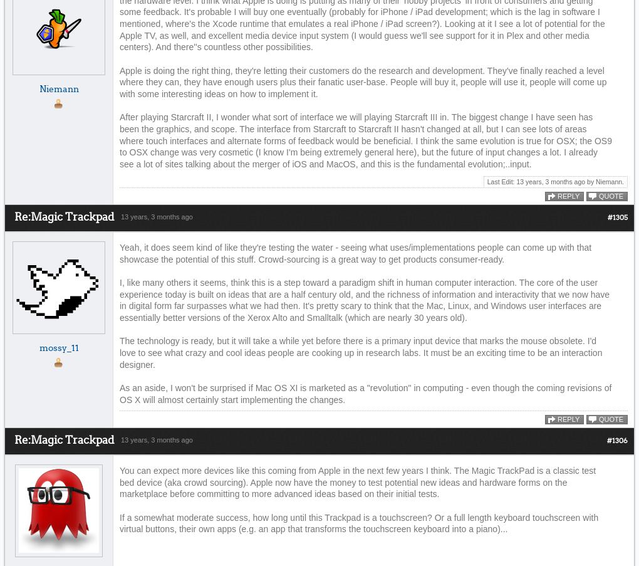  What do you see at coordinates (365, 140) in the screenshot?
I see `'After playing Starcraft II, I wonder what sort of interface we will playing Starcraft III in.  The biggest change I have seen has been the graphics, and scope.  The interface from Starcraft to Starcraft II hasn't changed at all, but I can see lots of areas where touch interfaces and alternate forms of feedback would be beneficial.  I think the same evolution is true for OSX; the OS9 to OSX change was very cosmetic (I know I'm being extremely general here), but the future of input changes a lot.  I already see a lot of sites talking about the merger of iOS and MacOS, and this is the fundamental evolution;..input.'` at bounding box center [365, 140].